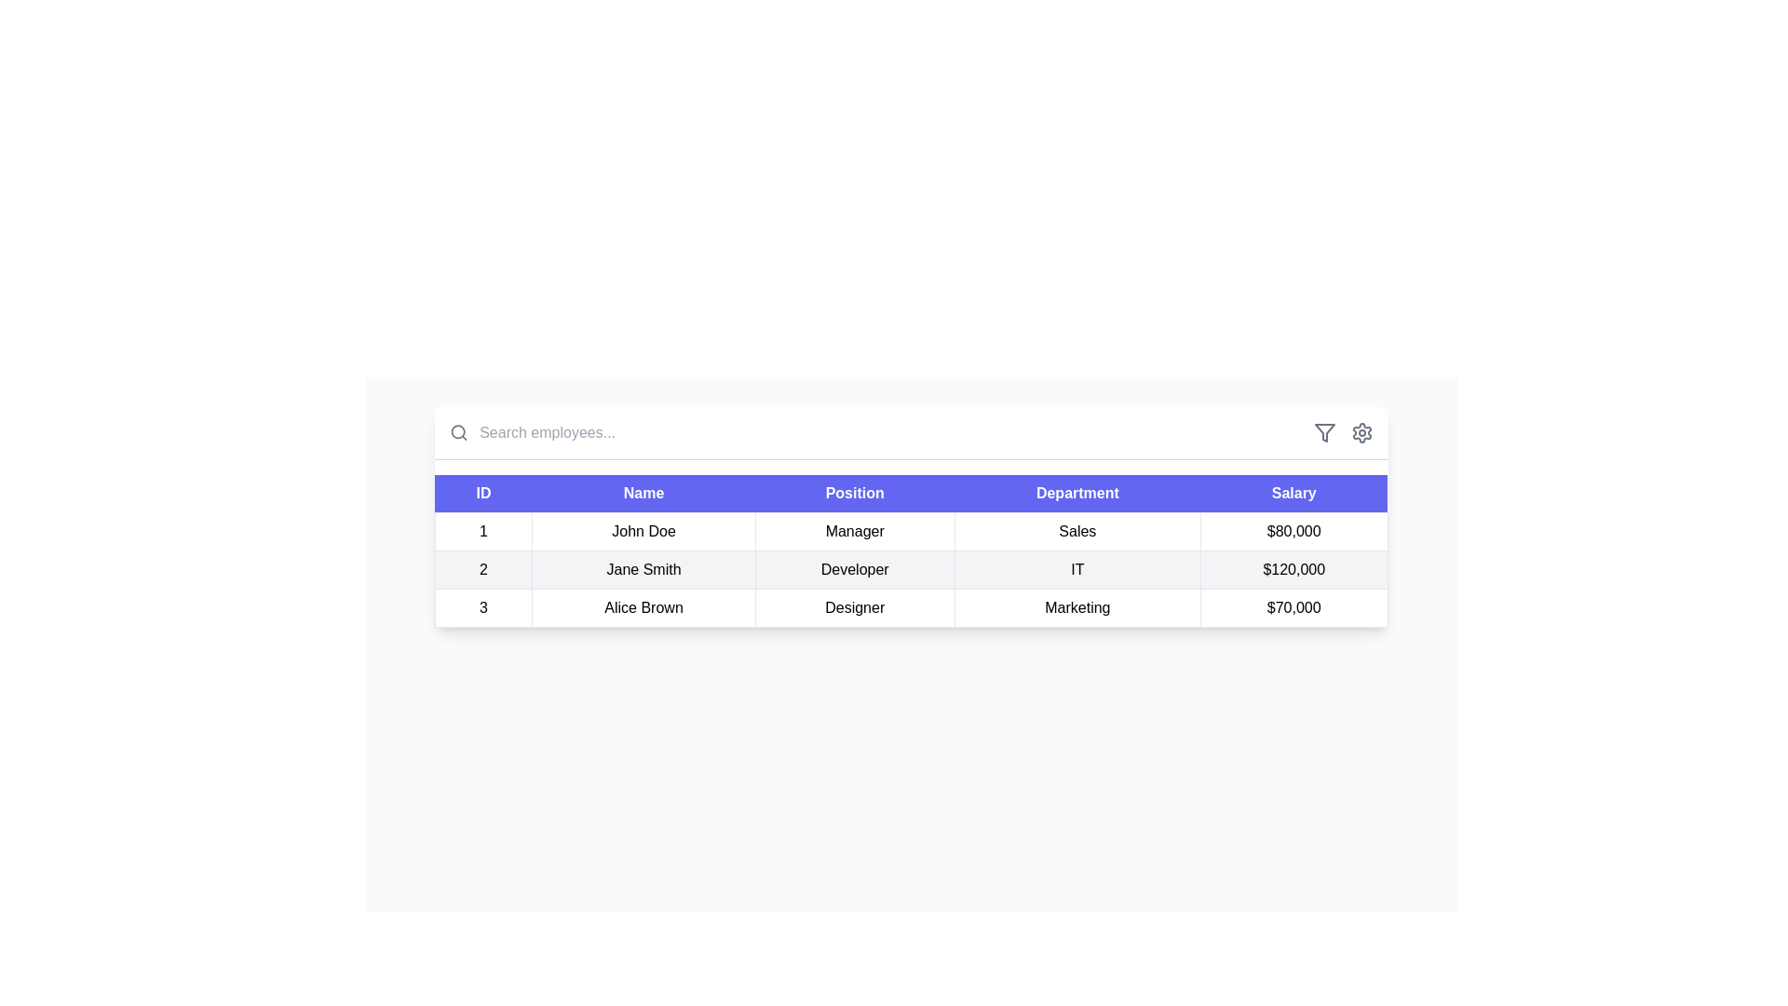  I want to click on the 'Sales' department text label located in the fourth column of the first row of the table, which is adjacent to the 'Manager' column on the left and '$80,000' column on the right, so click(1077, 531).